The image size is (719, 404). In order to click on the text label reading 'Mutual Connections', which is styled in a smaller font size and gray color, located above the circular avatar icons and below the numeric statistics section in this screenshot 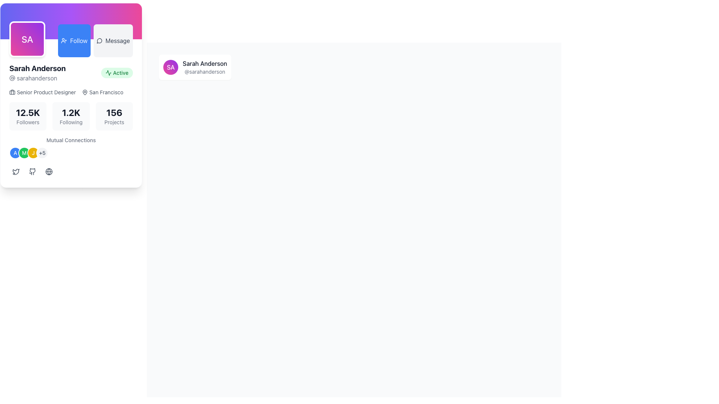, I will do `click(71, 140)`.